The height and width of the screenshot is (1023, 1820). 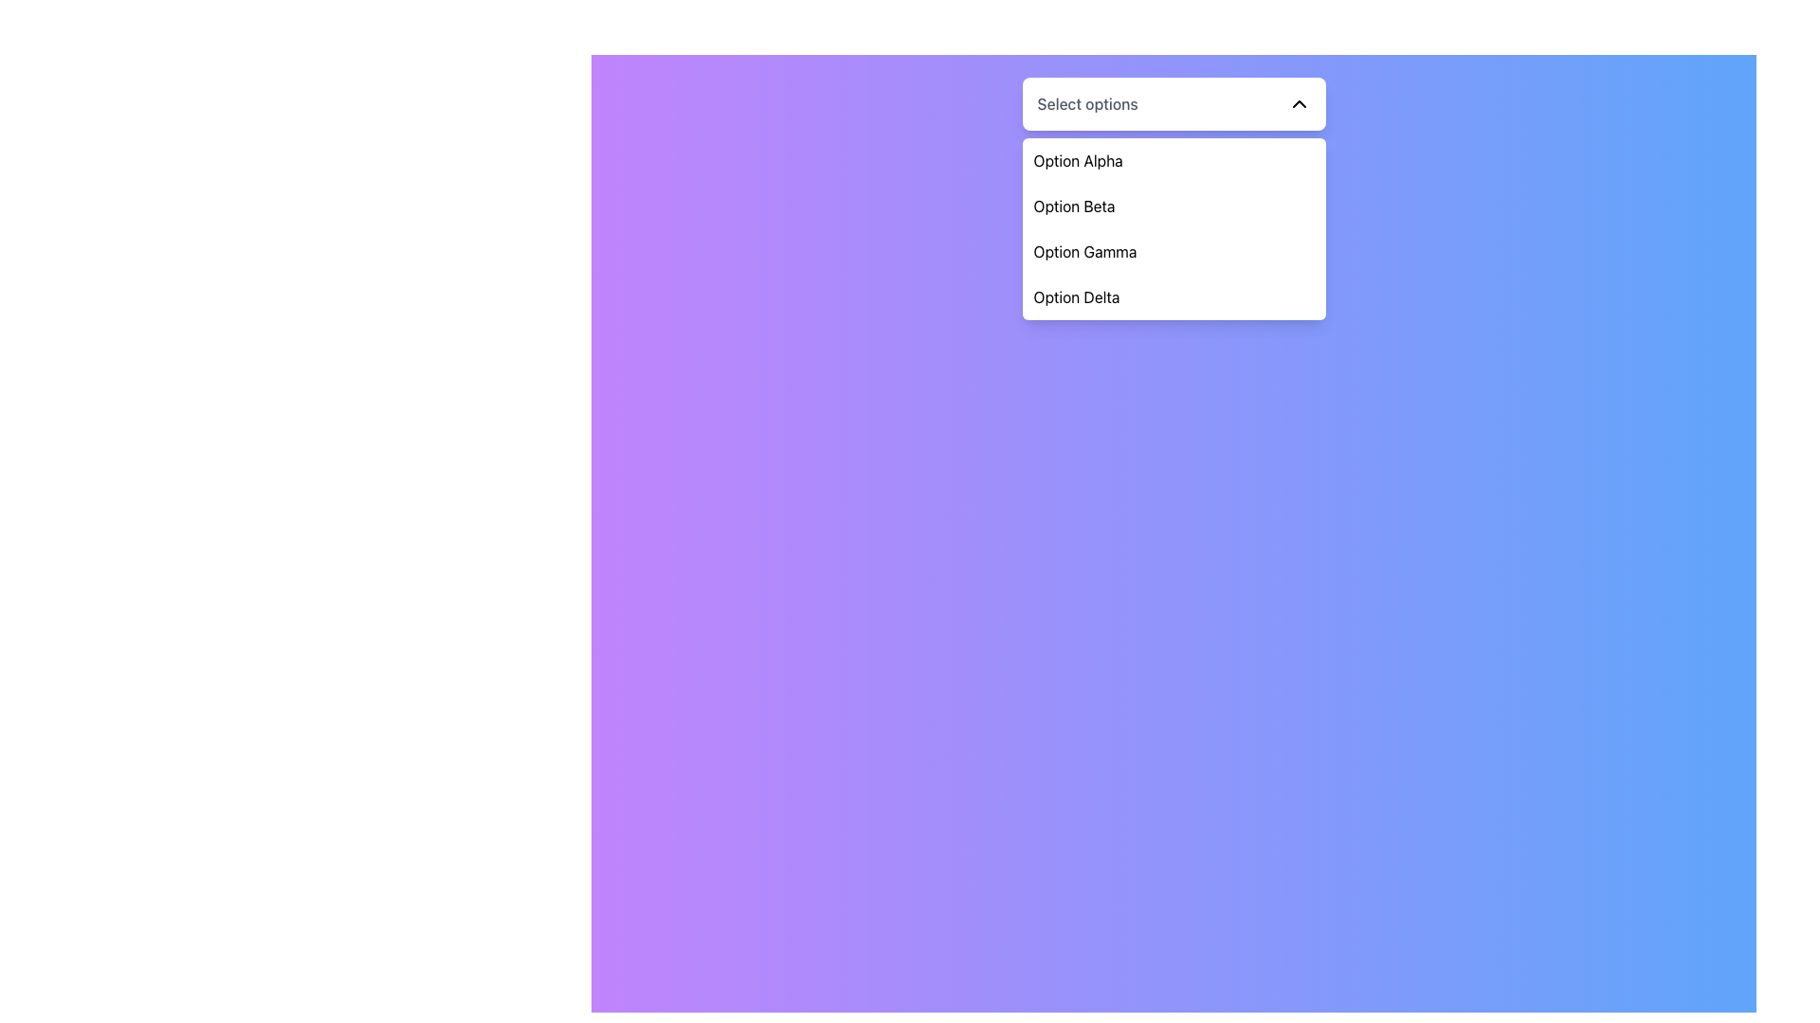 I want to click on the Chevron icon located at the top-right corner of the 'Select options' dropdown menu to indicate its collapsible state, so click(x=1298, y=104).